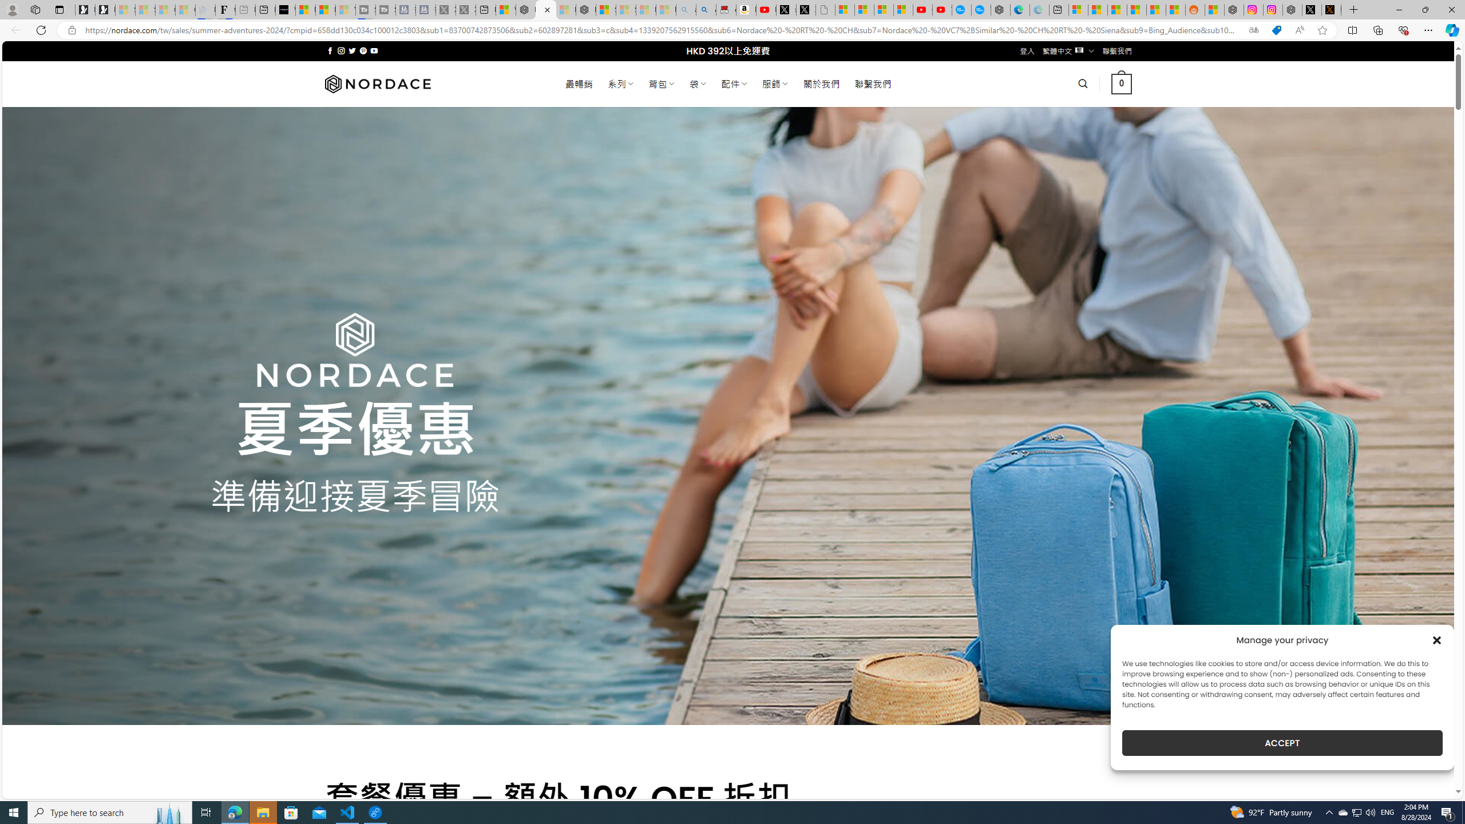 Image resolution: width=1465 pixels, height=824 pixels. What do you see at coordinates (686, 9) in the screenshot?
I see `'amazon - Search - Sleeping'` at bounding box center [686, 9].